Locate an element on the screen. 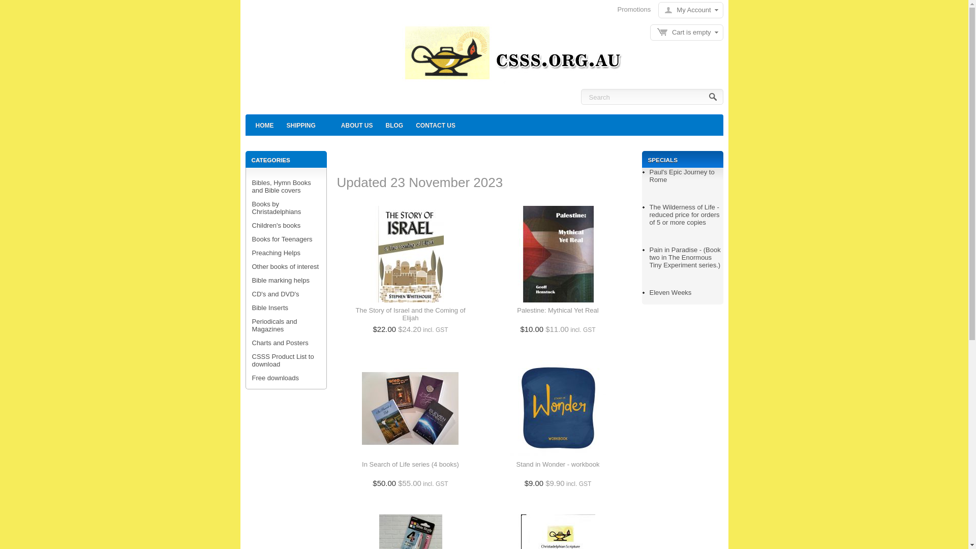  'HOME' is located at coordinates (264, 125).